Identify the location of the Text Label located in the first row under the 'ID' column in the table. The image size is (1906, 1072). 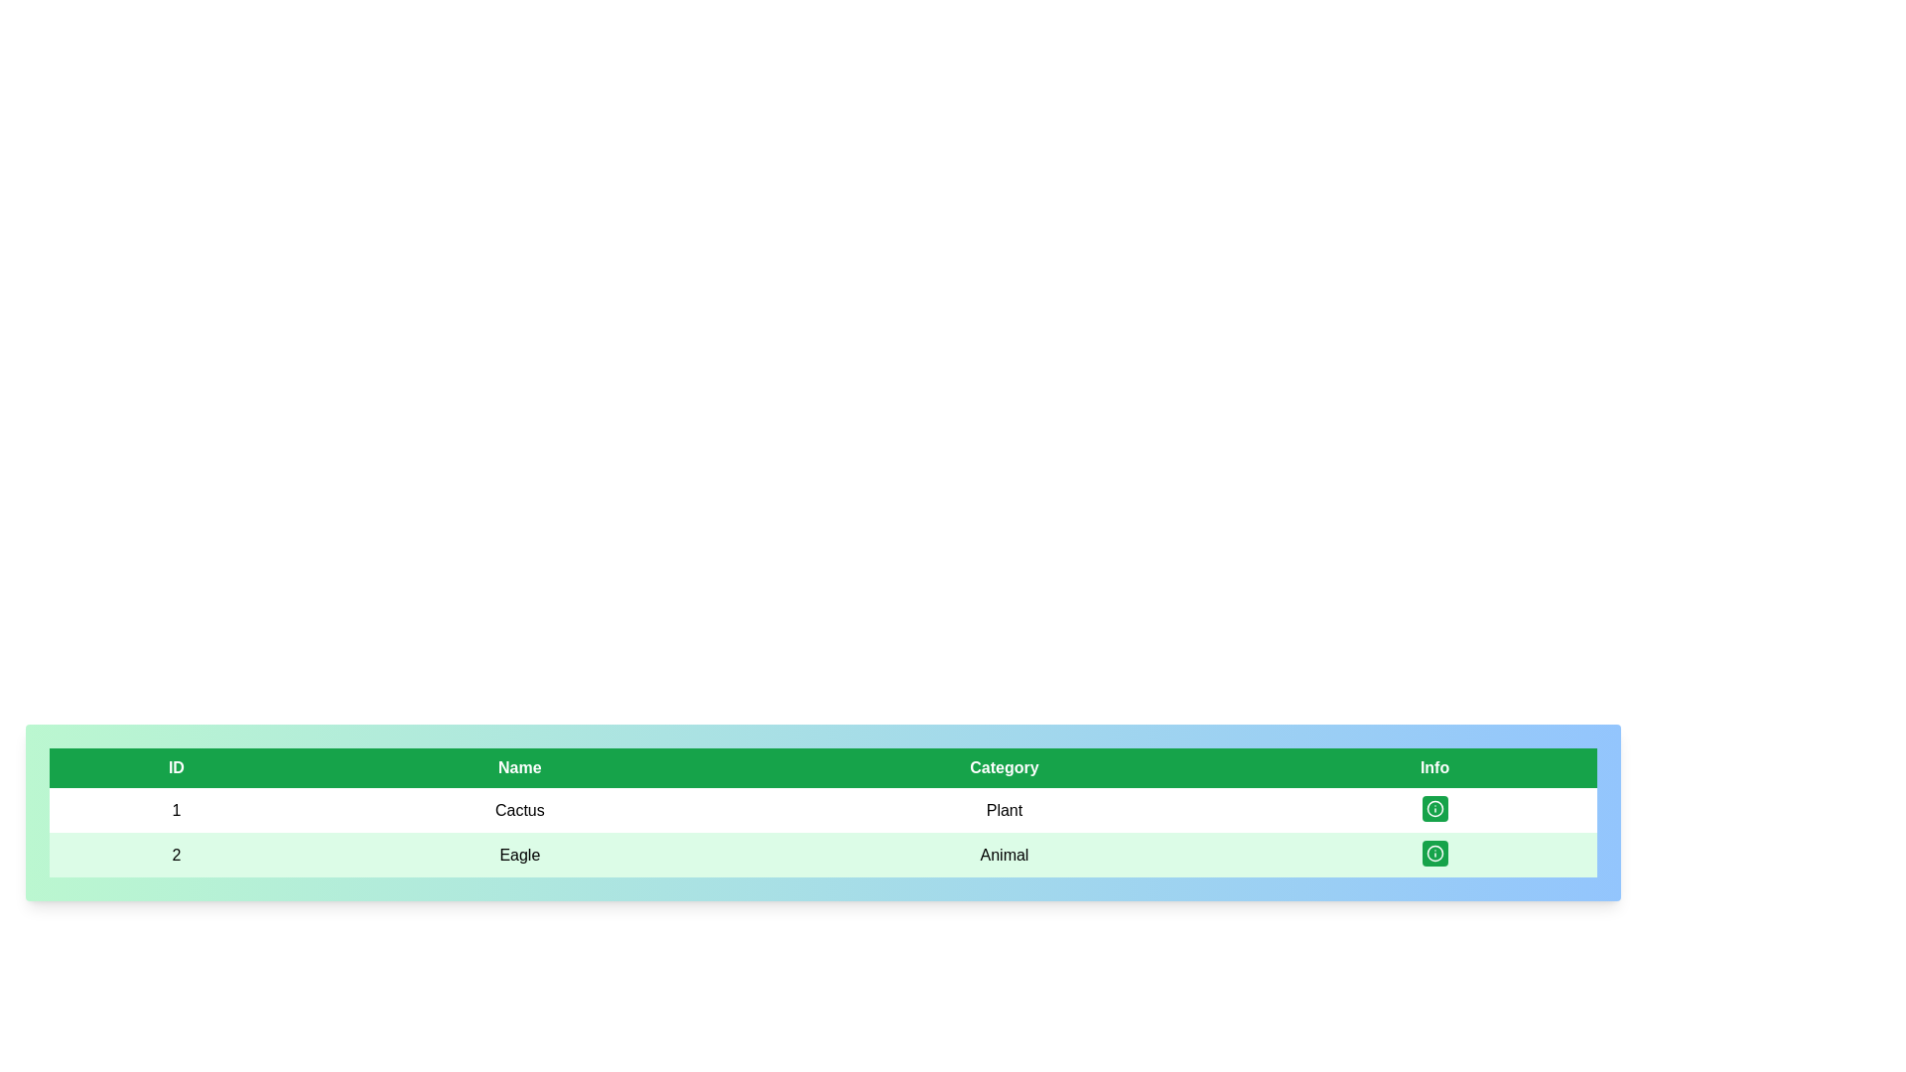
(176, 810).